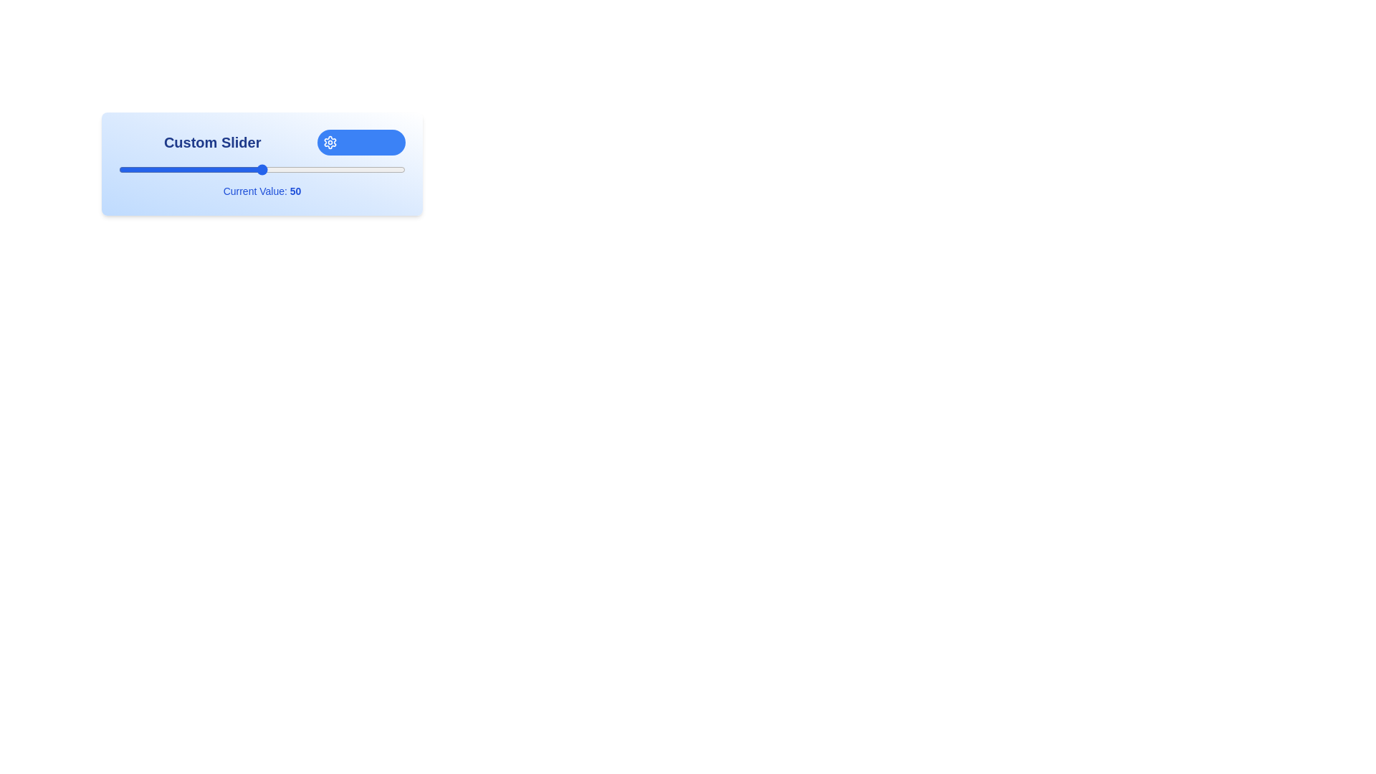  Describe the element at coordinates (295, 190) in the screenshot. I see `the Text label that displays a numerical value, positioned immediately following 'Current Value:' in the lower third of the card component` at that location.